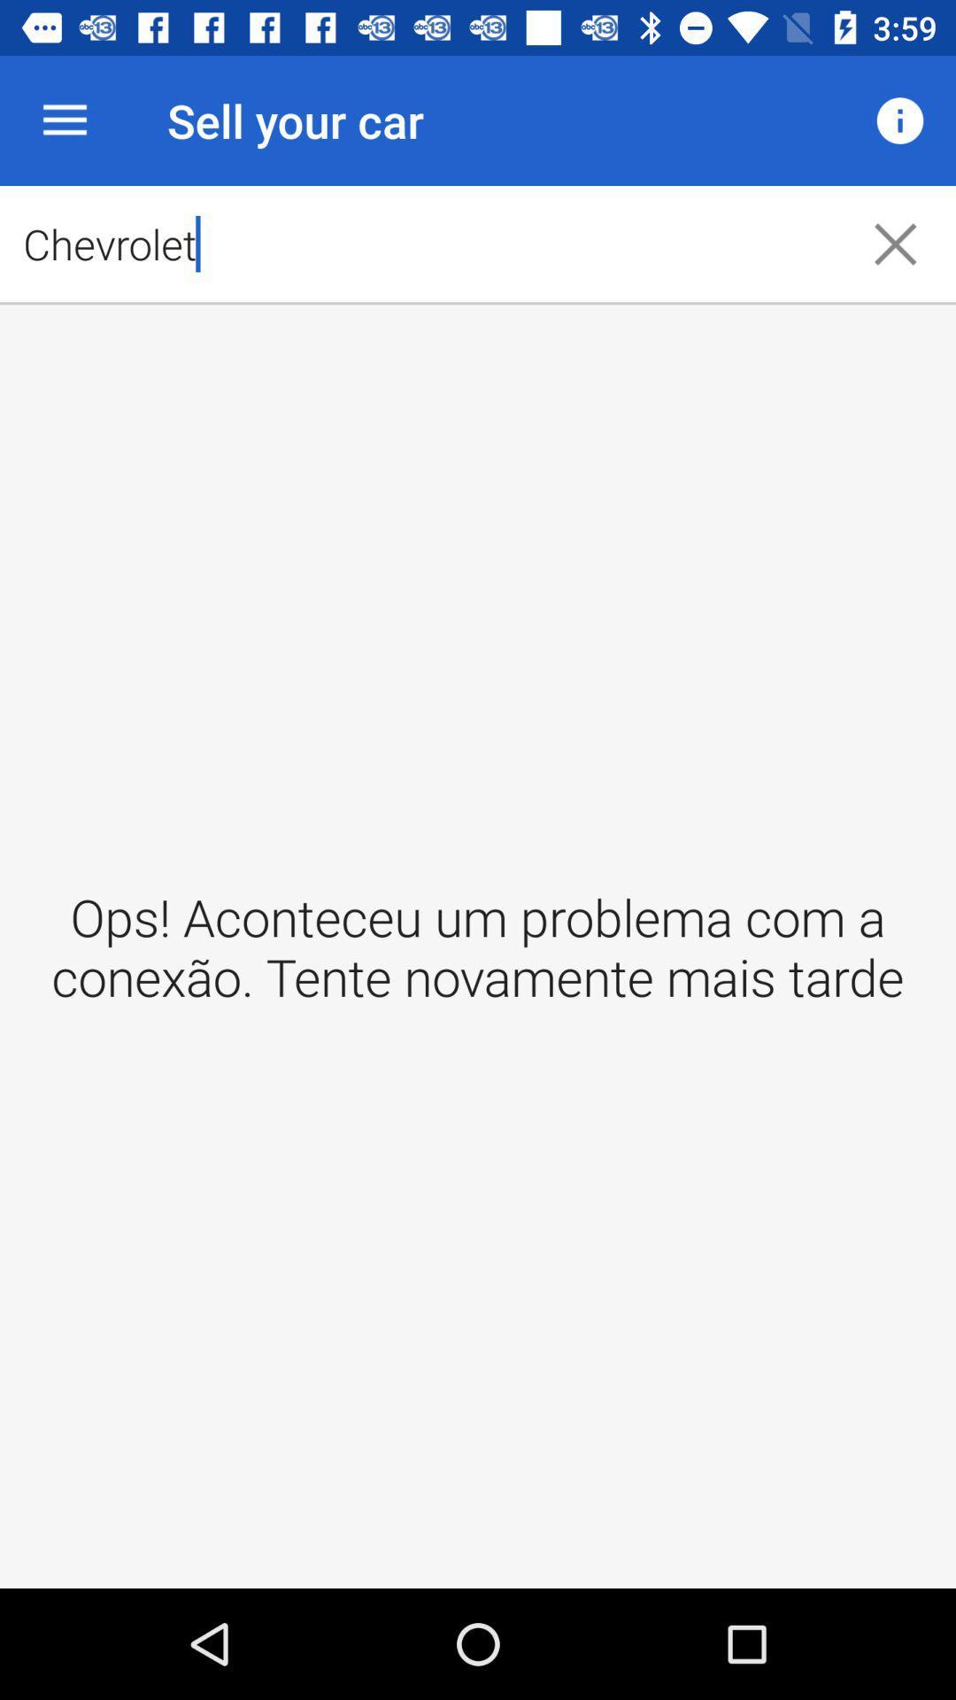 The height and width of the screenshot is (1700, 956). What do you see at coordinates (895, 243) in the screenshot?
I see `the icon to the right of the chevrolet item` at bounding box center [895, 243].